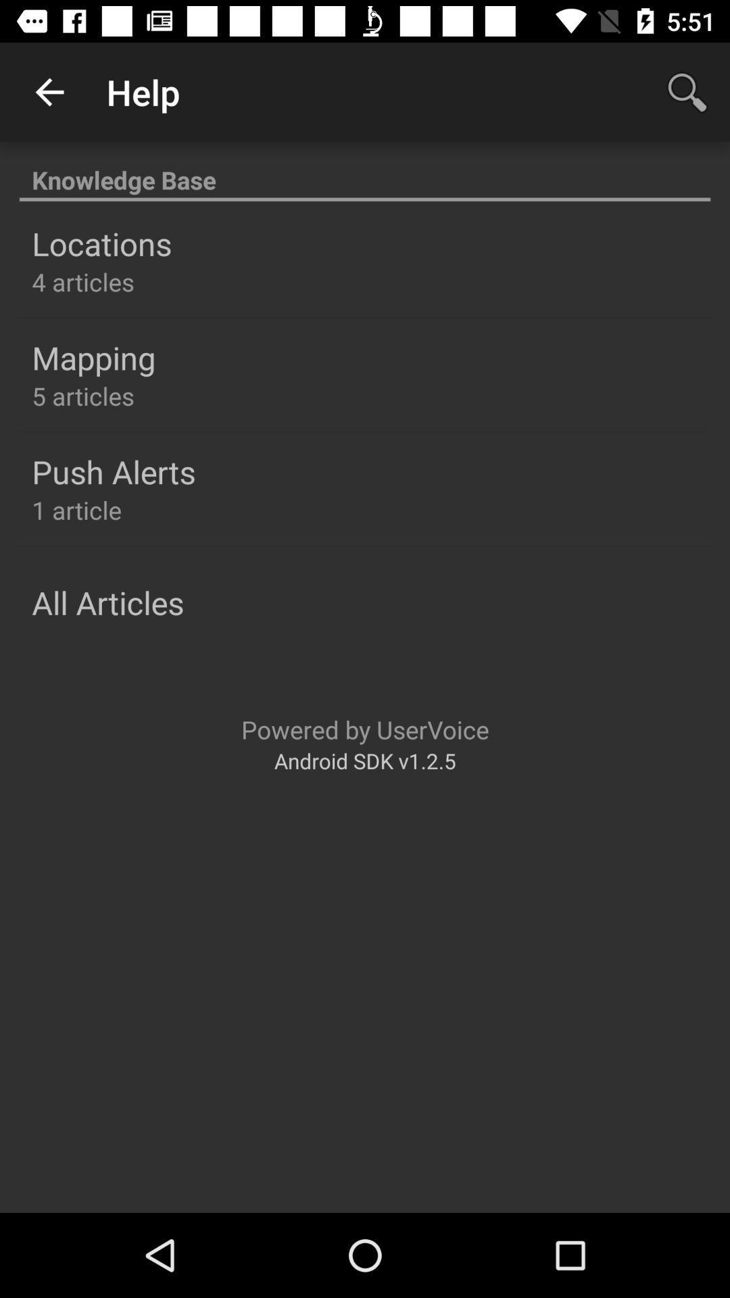  I want to click on the android sdk v1 icon, so click(365, 761).